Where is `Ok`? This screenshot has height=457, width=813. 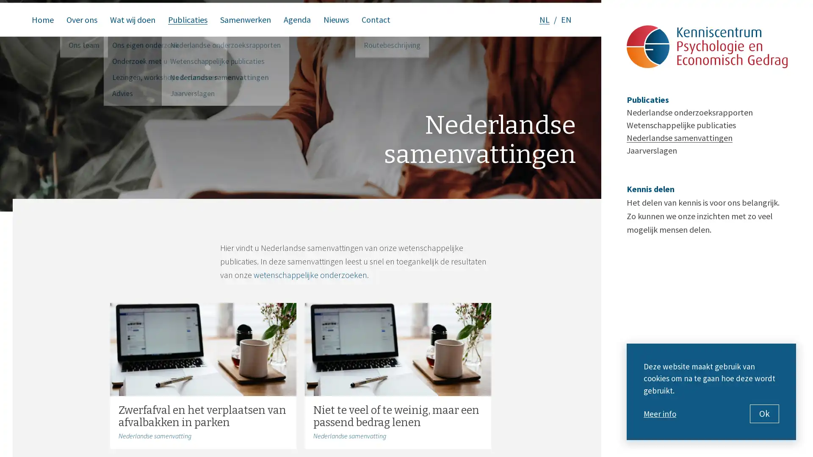
Ok is located at coordinates (764, 413).